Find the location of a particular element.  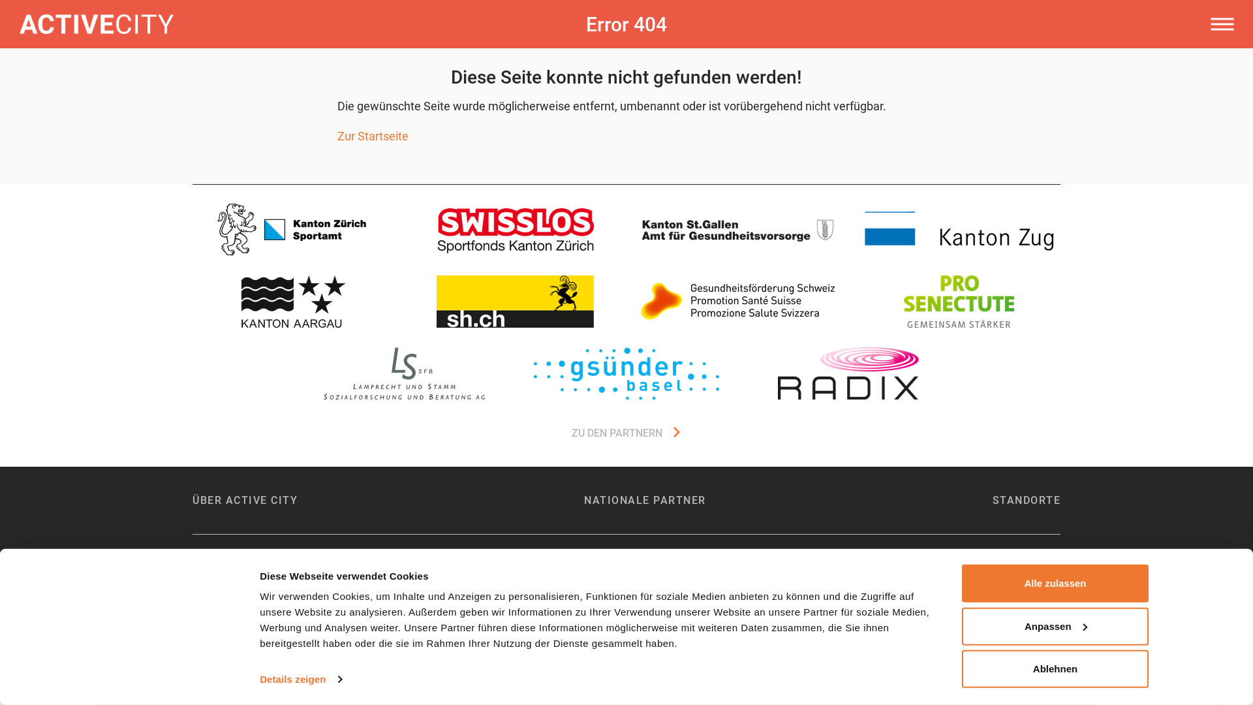

'Lamprecht & Stamm' is located at coordinates (403, 373).